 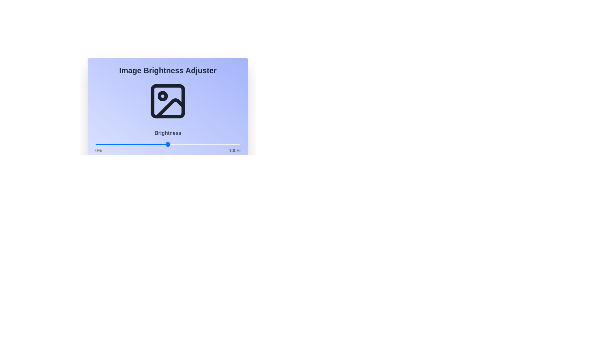 What do you see at coordinates (121, 144) in the screenshot?
I see `the brightness to 18% using the slider` at bounding box center [121, 144].